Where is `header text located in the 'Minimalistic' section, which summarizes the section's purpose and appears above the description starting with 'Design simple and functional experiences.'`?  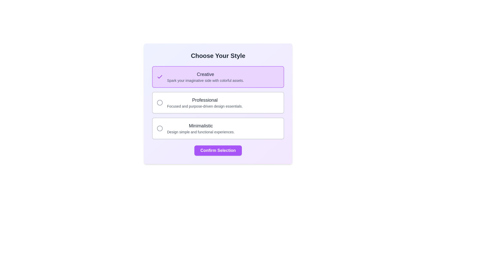
header text located in the 'Minimalistic' section, which summarizes the section's purpose and appears above the description starting with 'Design simple and functional experiences.' is located at coordinates (201, 126).